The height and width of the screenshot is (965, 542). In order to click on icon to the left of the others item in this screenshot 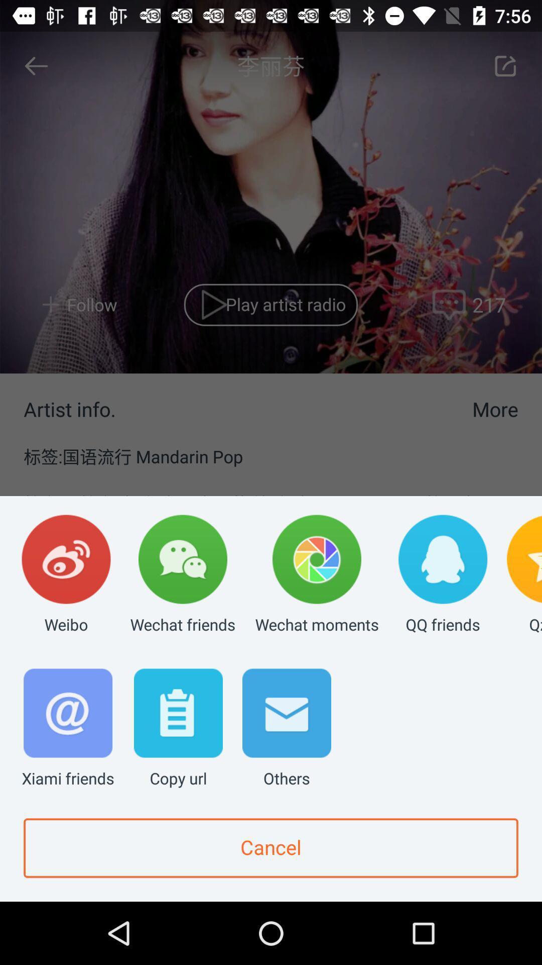, I will do `click(178, 729)`.